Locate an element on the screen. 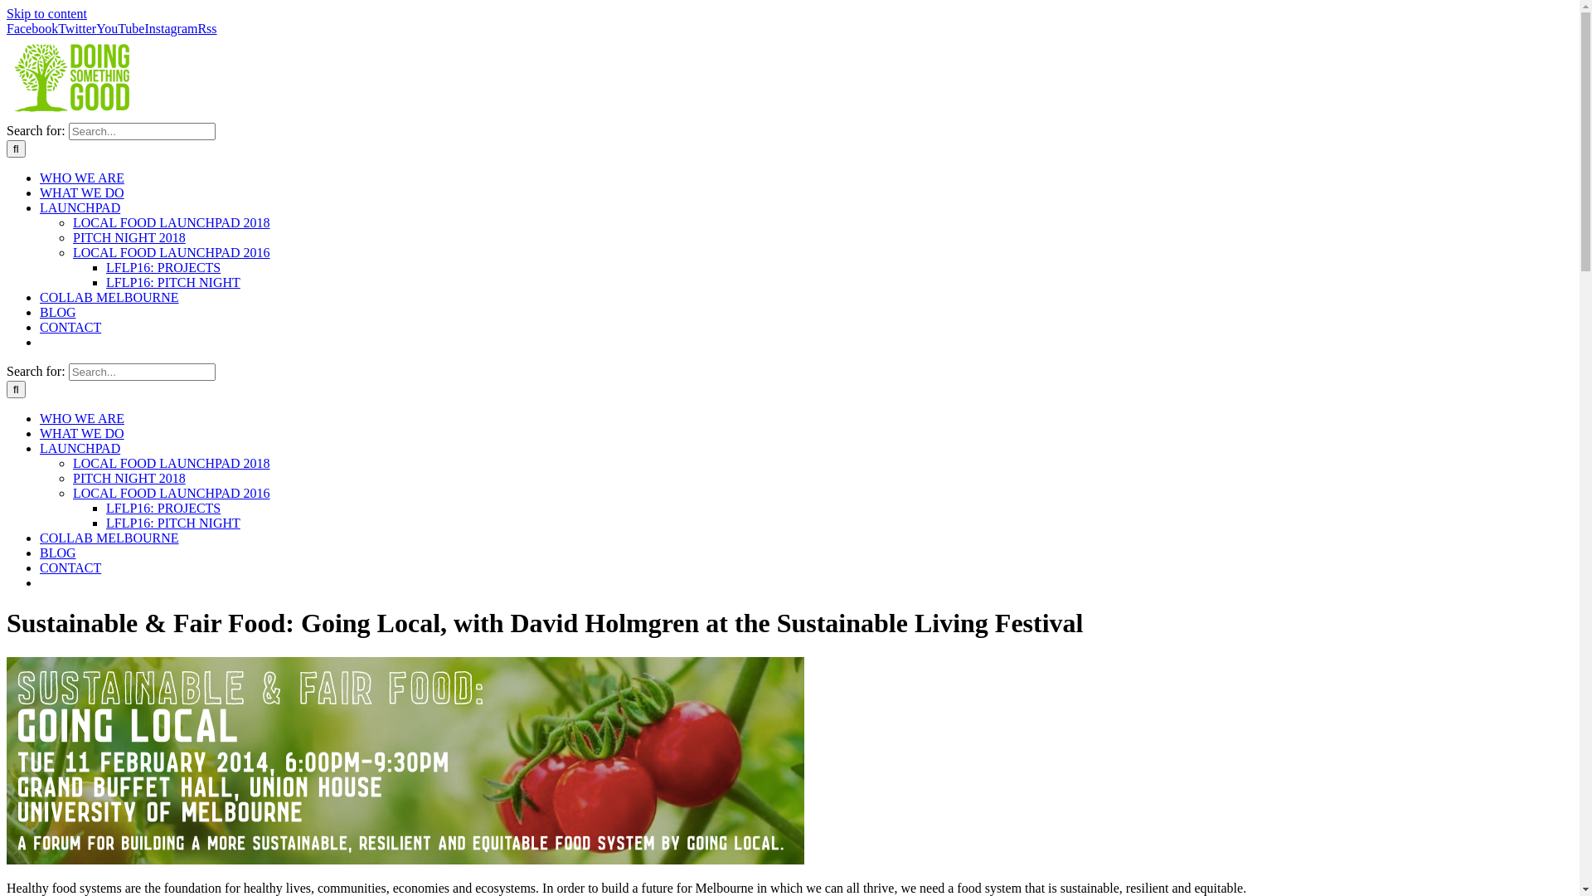  'LFLP16: PROJECTS' is located at coordinates (163, 507).